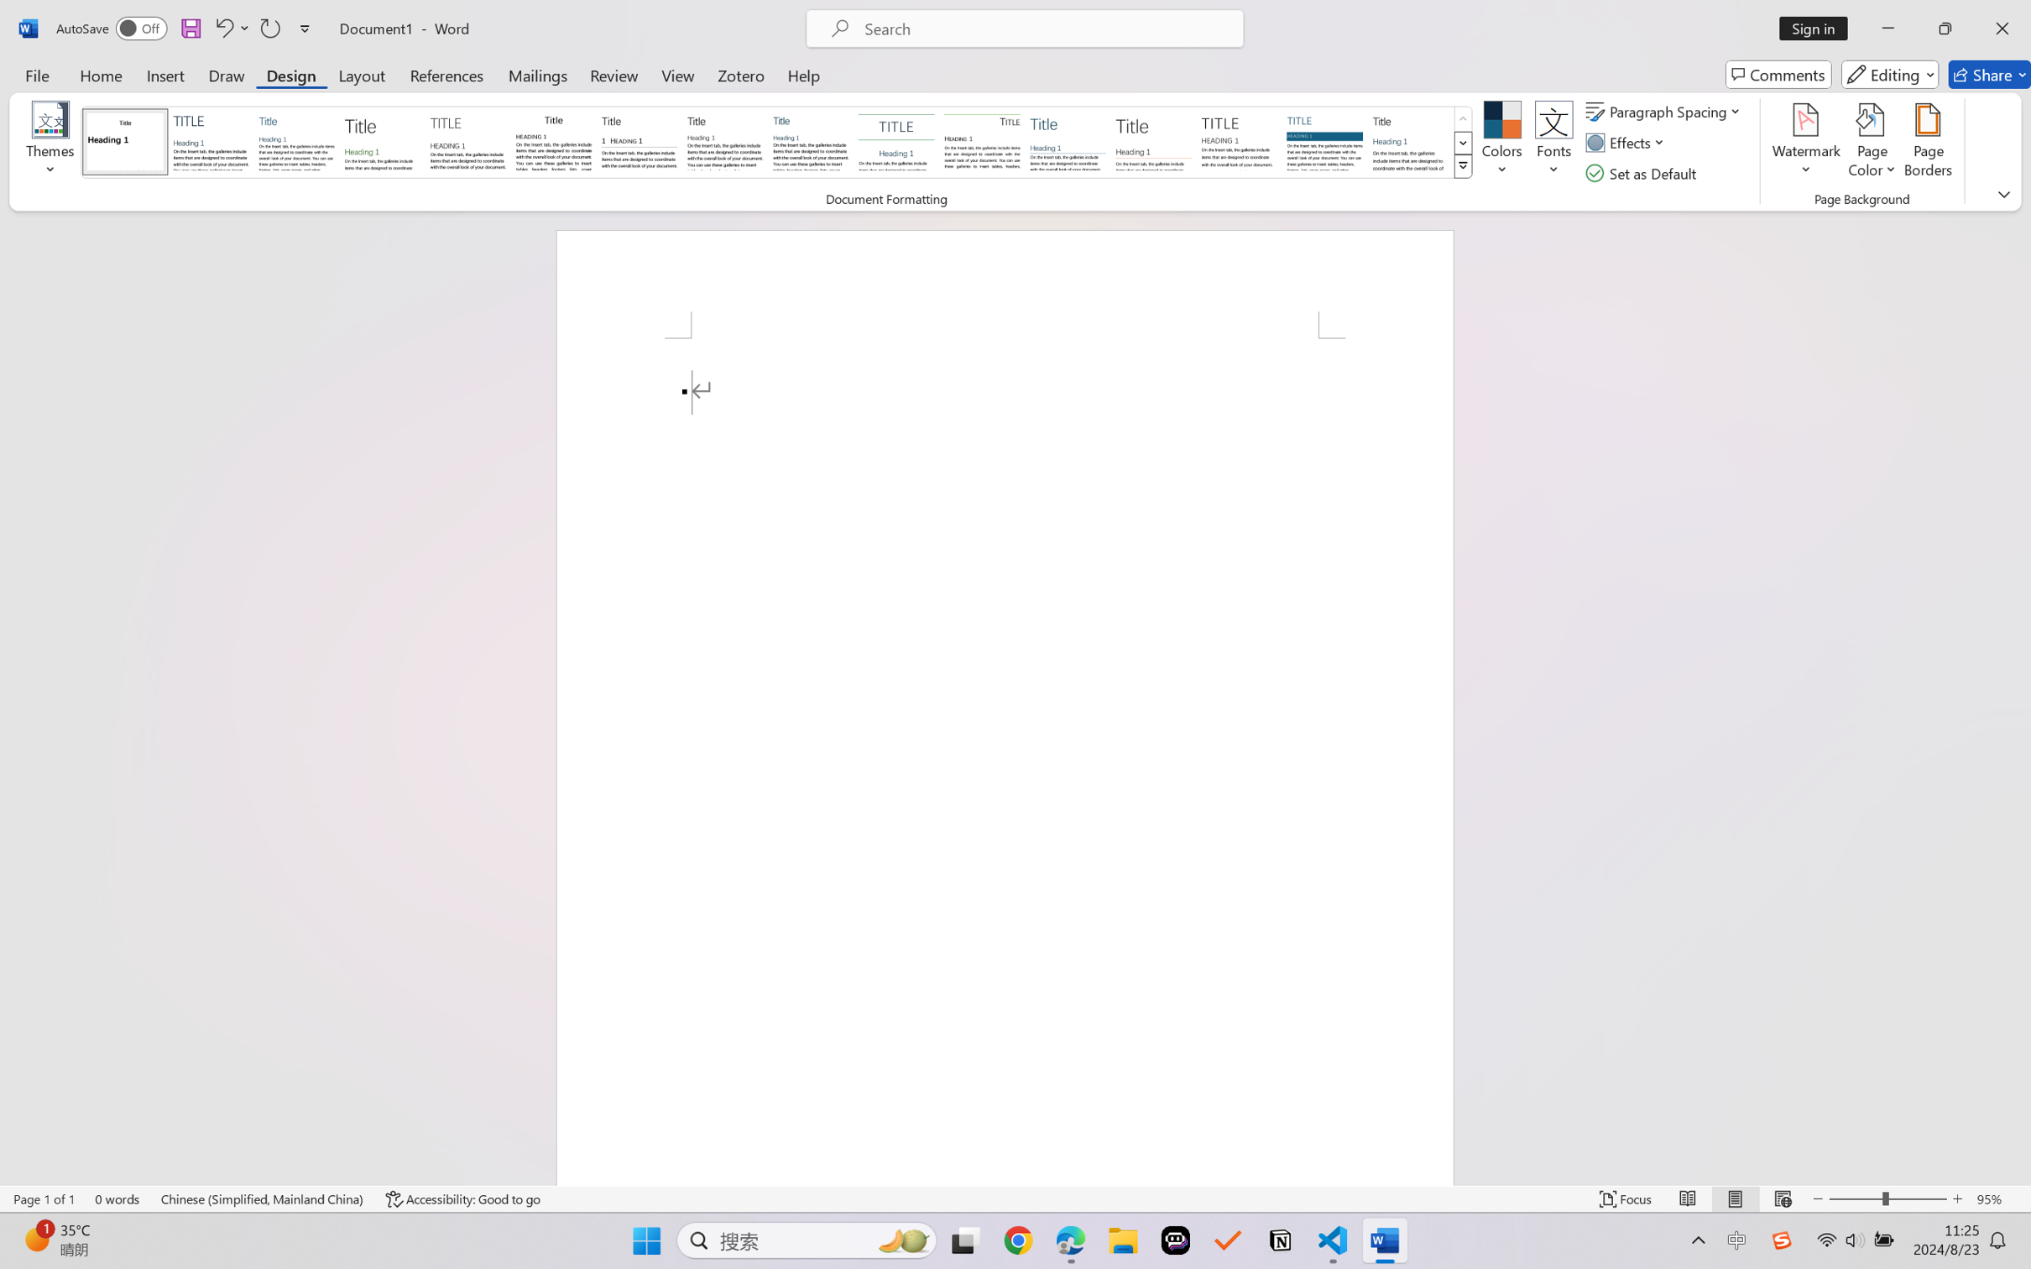  Describe the element at coordinates (222, 28) in the screenshot. I see `'Undo Apply Quick Style'` at that location.